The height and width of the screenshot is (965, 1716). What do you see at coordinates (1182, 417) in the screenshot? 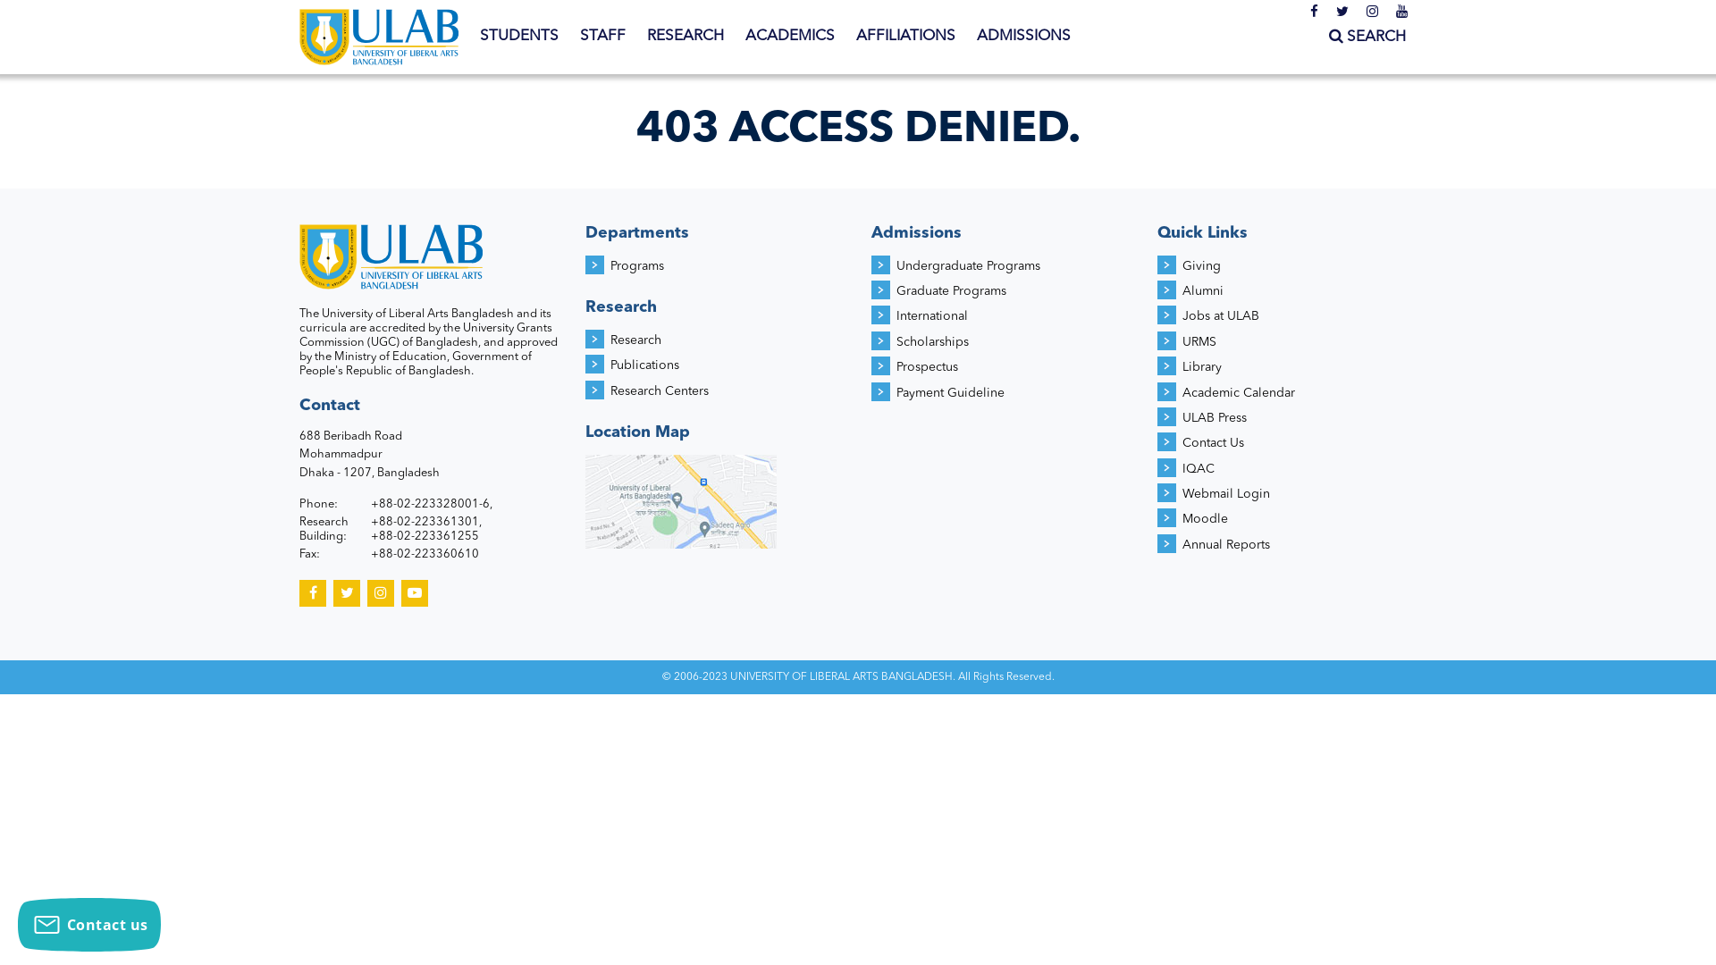
I see `'ULAB Press'` at bounding box center [1182, 417].